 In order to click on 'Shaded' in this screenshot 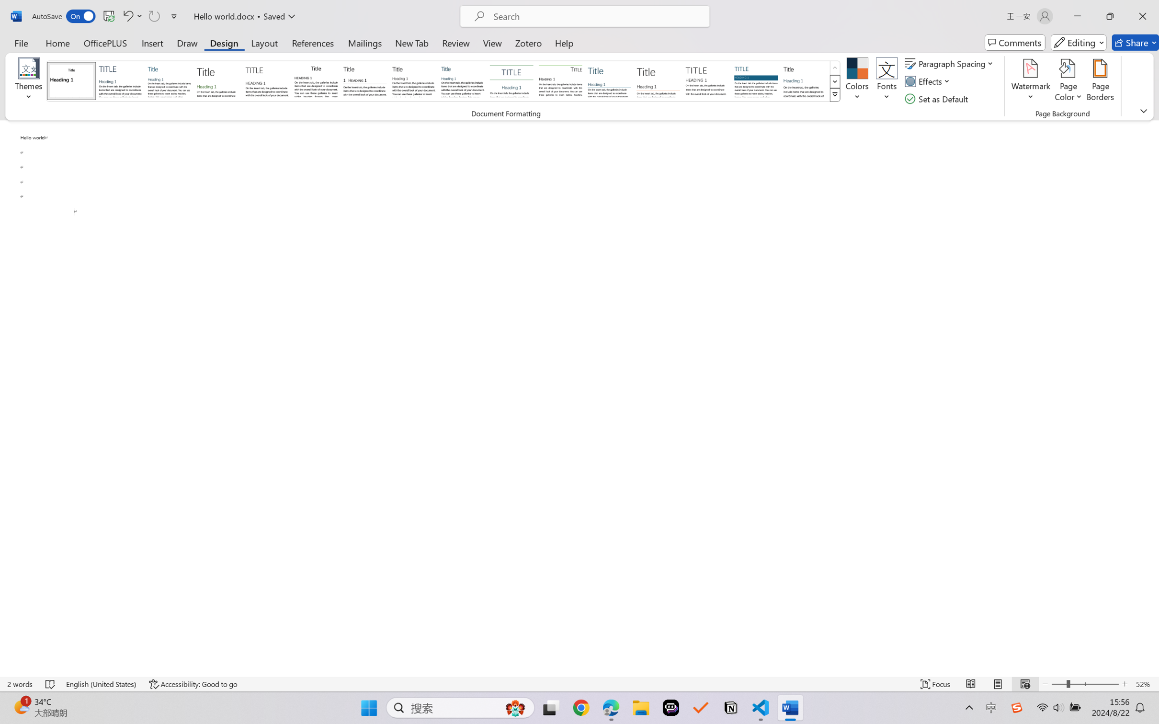, I will do `click(755, 80)`.